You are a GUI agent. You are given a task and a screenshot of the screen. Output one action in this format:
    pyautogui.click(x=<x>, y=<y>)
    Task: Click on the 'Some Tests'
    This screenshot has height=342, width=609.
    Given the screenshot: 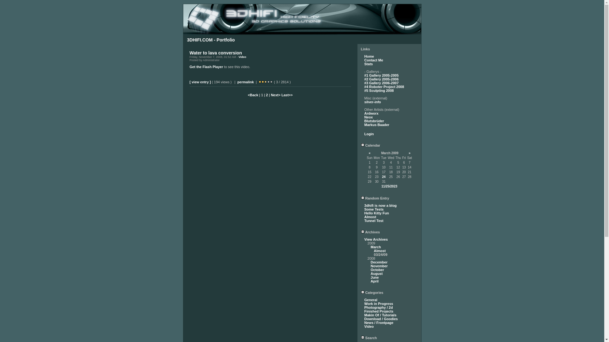 What is the action you would take?
    pyautogui.click(x=374, y=209)
    